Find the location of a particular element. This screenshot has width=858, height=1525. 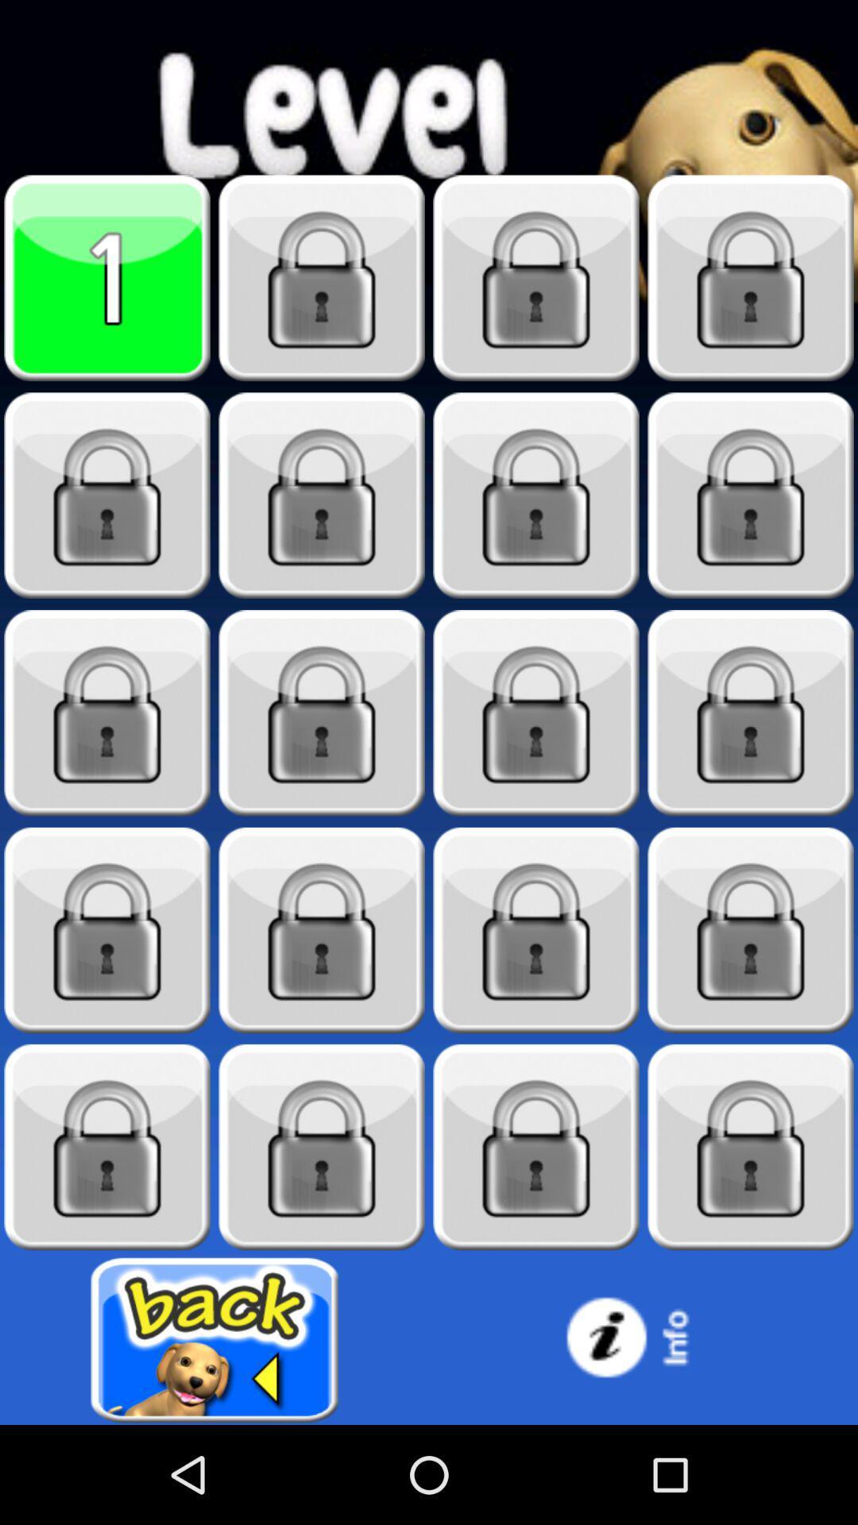

it is locked is located at coordinates (751, 278).